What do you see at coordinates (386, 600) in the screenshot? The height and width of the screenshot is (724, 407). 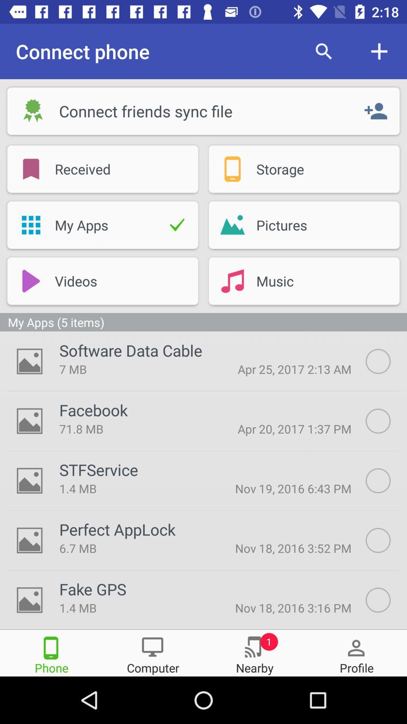 I see `file` at bounding box center [386, 600].